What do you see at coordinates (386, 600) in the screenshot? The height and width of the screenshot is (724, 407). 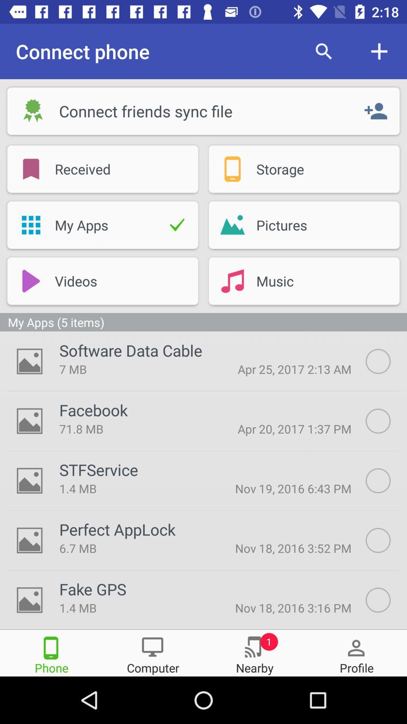 I see `file` at bounding box center [386, 600].